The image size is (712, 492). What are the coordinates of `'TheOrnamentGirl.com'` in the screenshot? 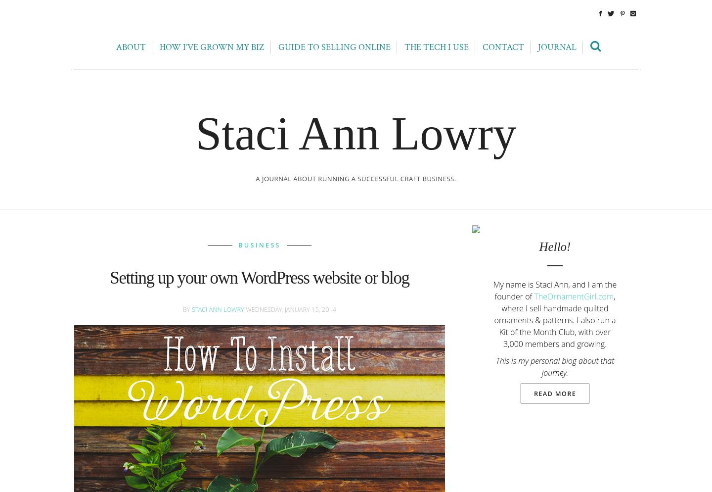 It's located at (574, 295).